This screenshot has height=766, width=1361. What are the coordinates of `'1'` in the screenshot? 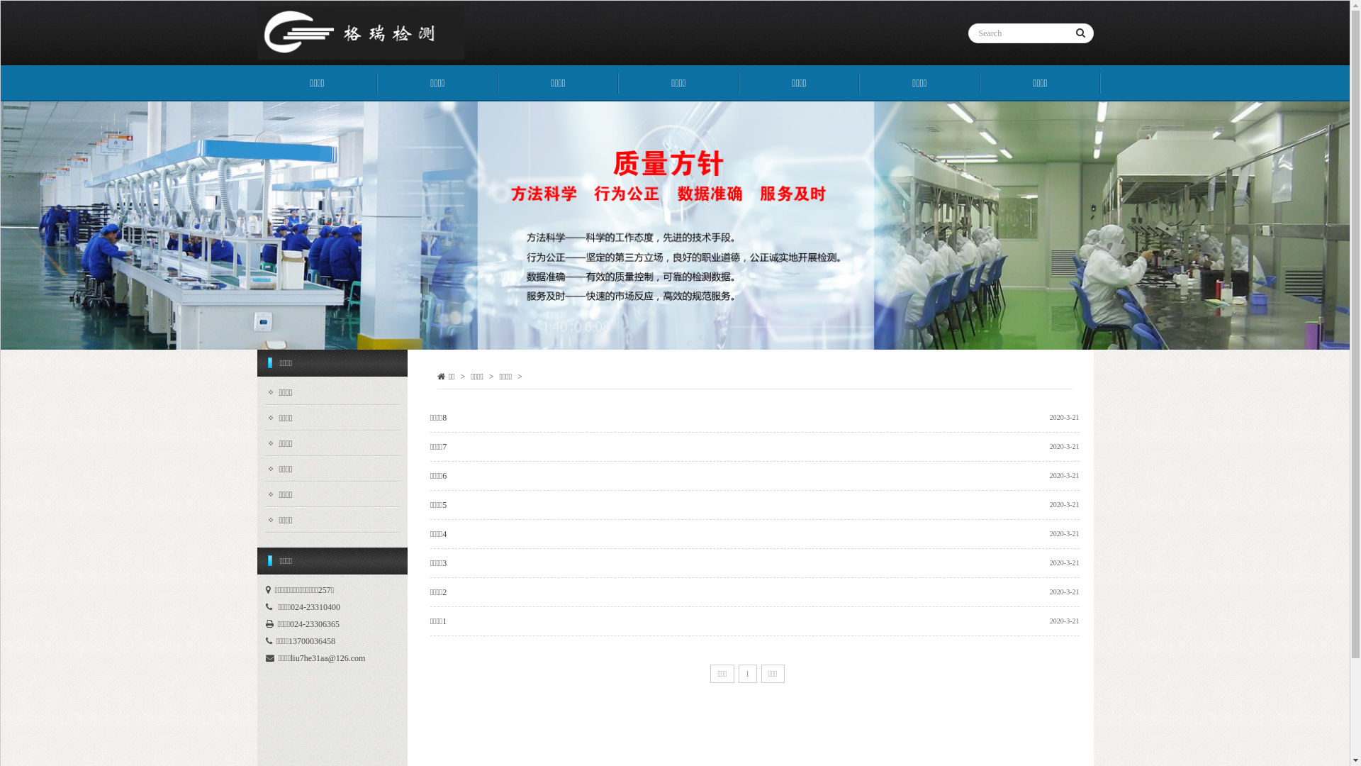 It's located at (747, 672).